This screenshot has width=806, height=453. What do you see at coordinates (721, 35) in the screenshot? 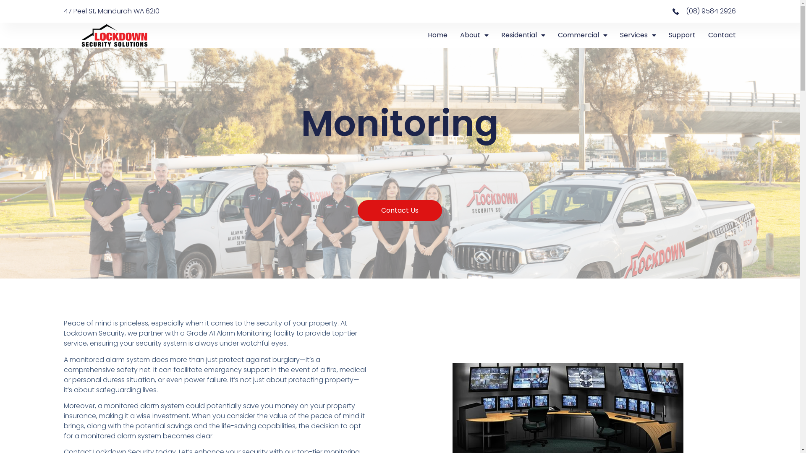
I see `'Contact'` at bounding box center [721, 35].